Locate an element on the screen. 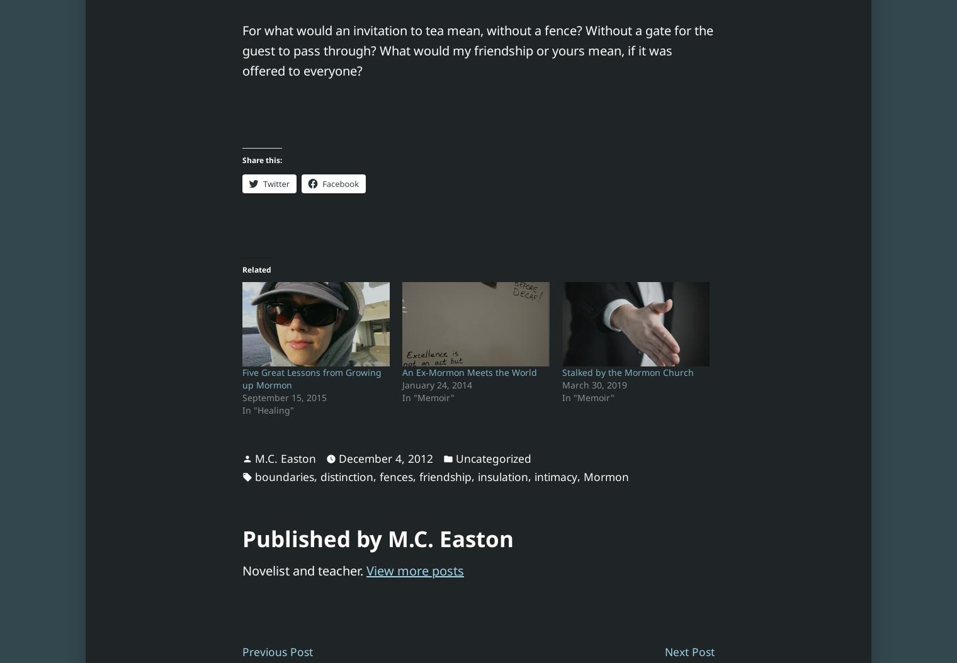 The height and width of the screenshot is (663, 957). 'M.C. Easton' is located at coordinates (285, 458).